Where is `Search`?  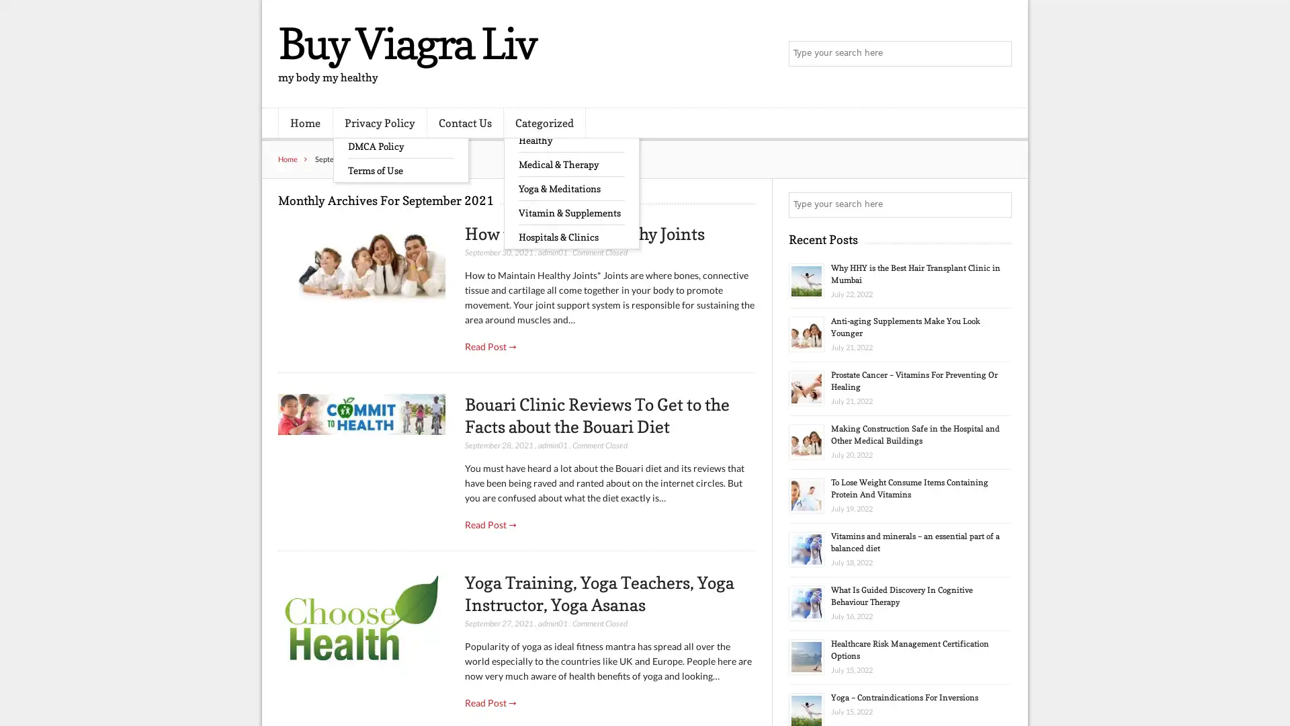
Search is located at coordinates (998, 54).